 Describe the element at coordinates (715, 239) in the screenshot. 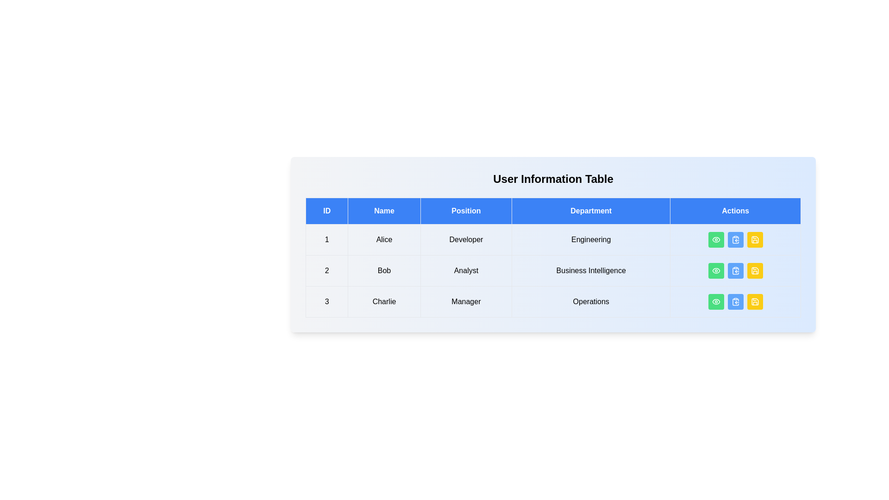

I see `the 'Eye' button in the 'Actions' column of the row corresponding to 1` at that location.